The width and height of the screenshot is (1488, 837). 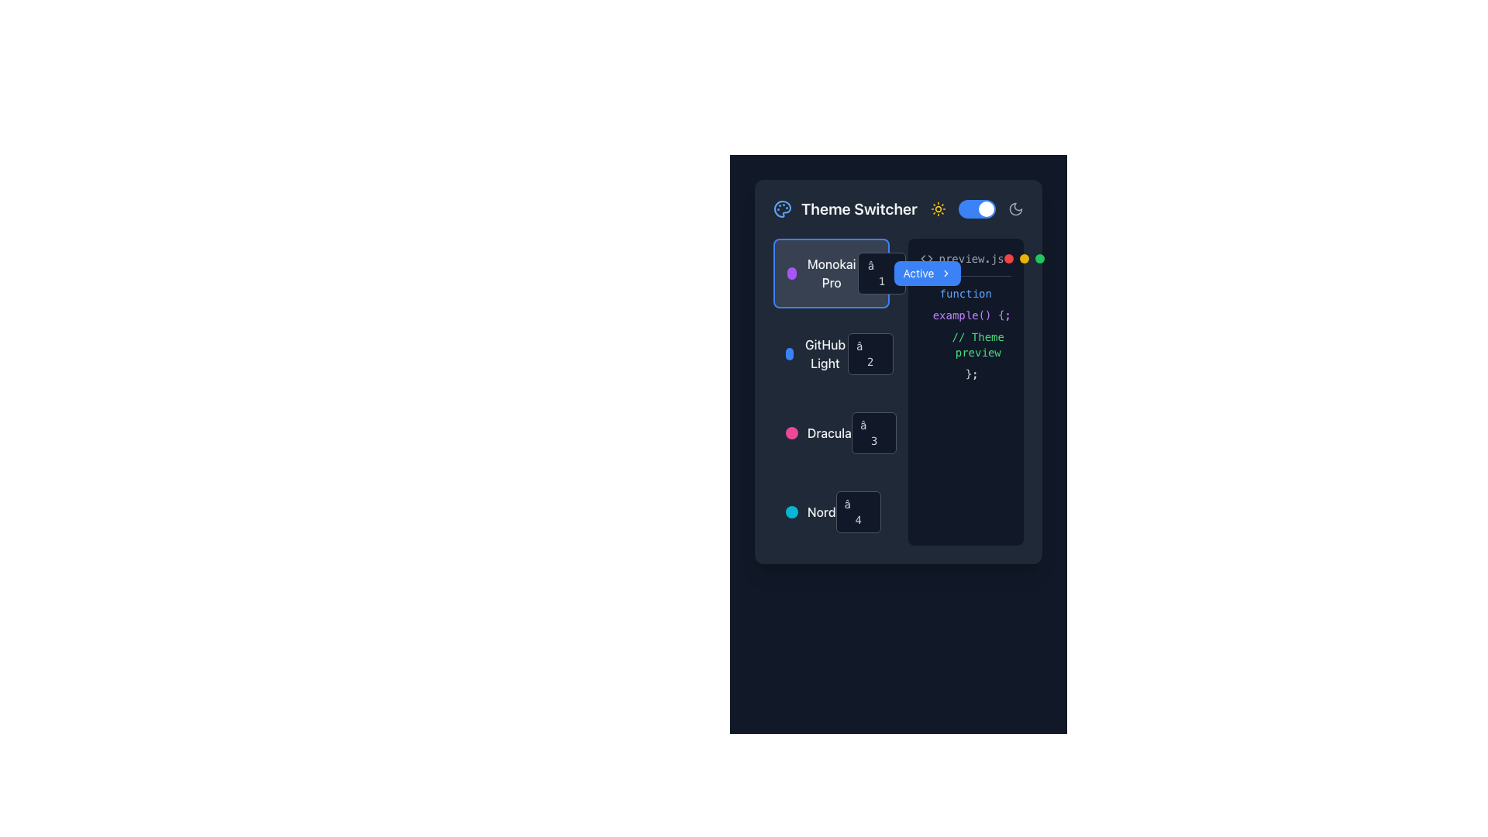 What do you see at coordinates (816, 353) in the screenshot?
I see `the 'GitHub Light' theme selection option located in the second row of the theme options list in the 'Theme Switcher' panel` at bounding box center [816, 353].